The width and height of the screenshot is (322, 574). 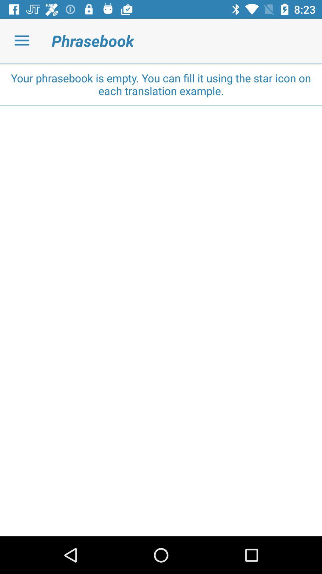 What do you see at coordinates (161, 63) in the screenshot?
I see `the item above your phrasebook is icon` at bounding box center [161, 63].